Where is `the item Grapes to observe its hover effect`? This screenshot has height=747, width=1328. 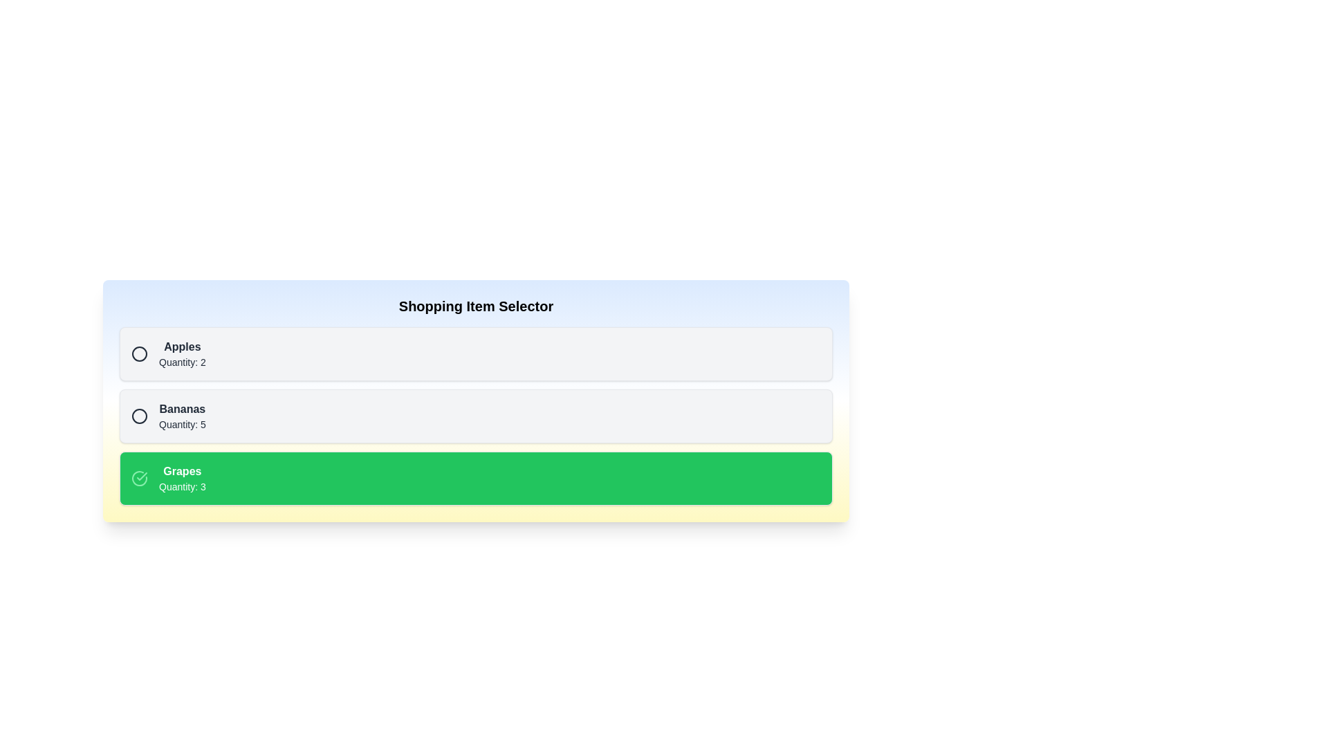
the item Grapes to observe its hover effect is located at coordinates (476, 477).